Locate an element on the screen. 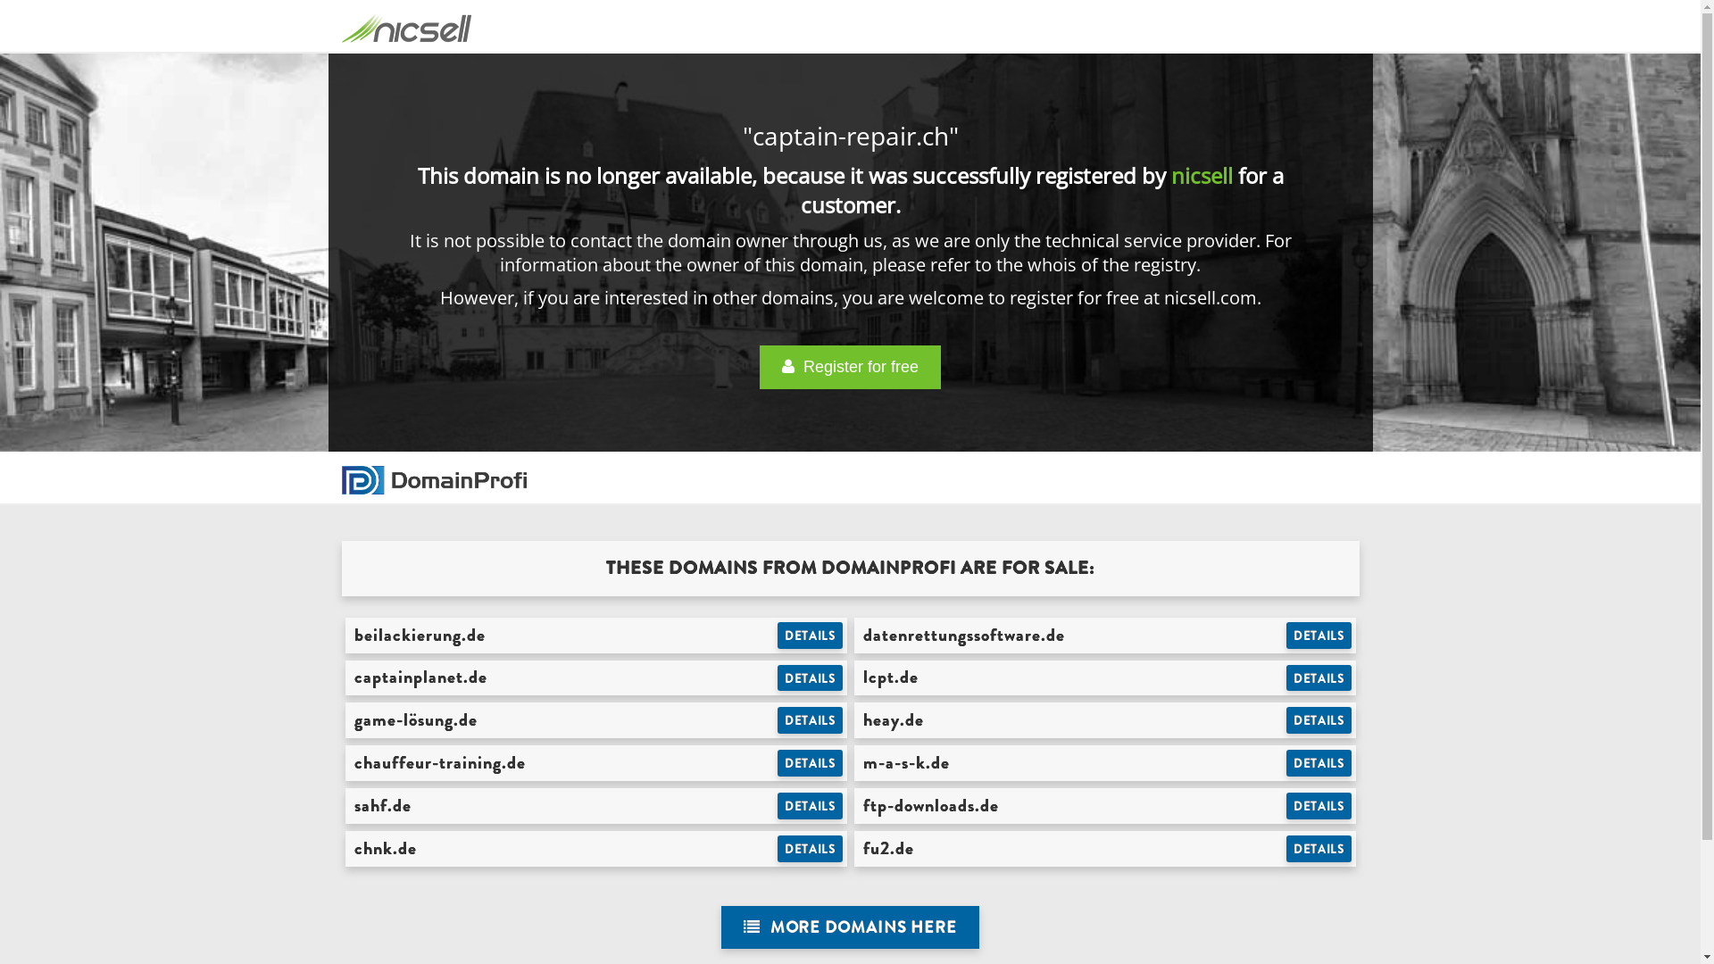 This screenshot has height=964, width=1714. 'DETAILS' is located at coordinates (809, 719).